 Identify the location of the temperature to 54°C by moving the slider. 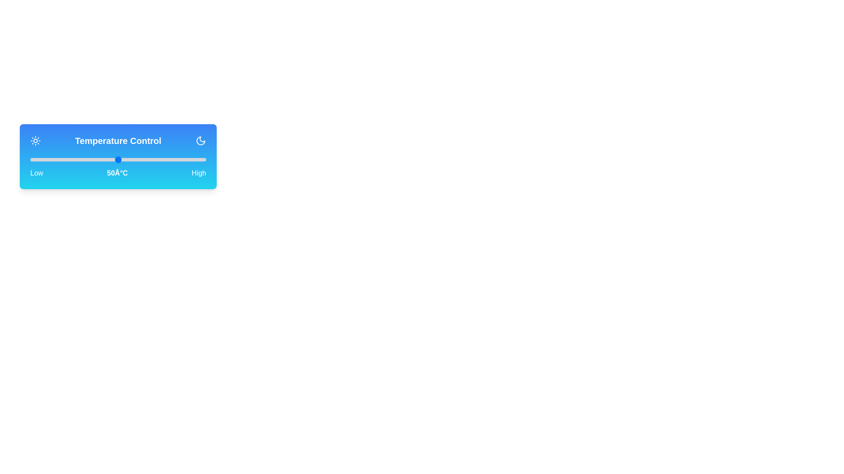
(124, 159).